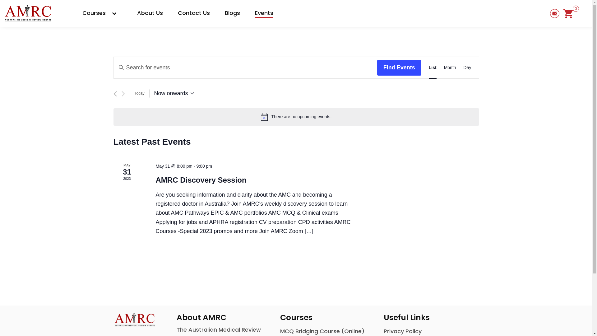 This screenshot has width=597, height=336. I want to click on 'Courses', so click(102, 13).